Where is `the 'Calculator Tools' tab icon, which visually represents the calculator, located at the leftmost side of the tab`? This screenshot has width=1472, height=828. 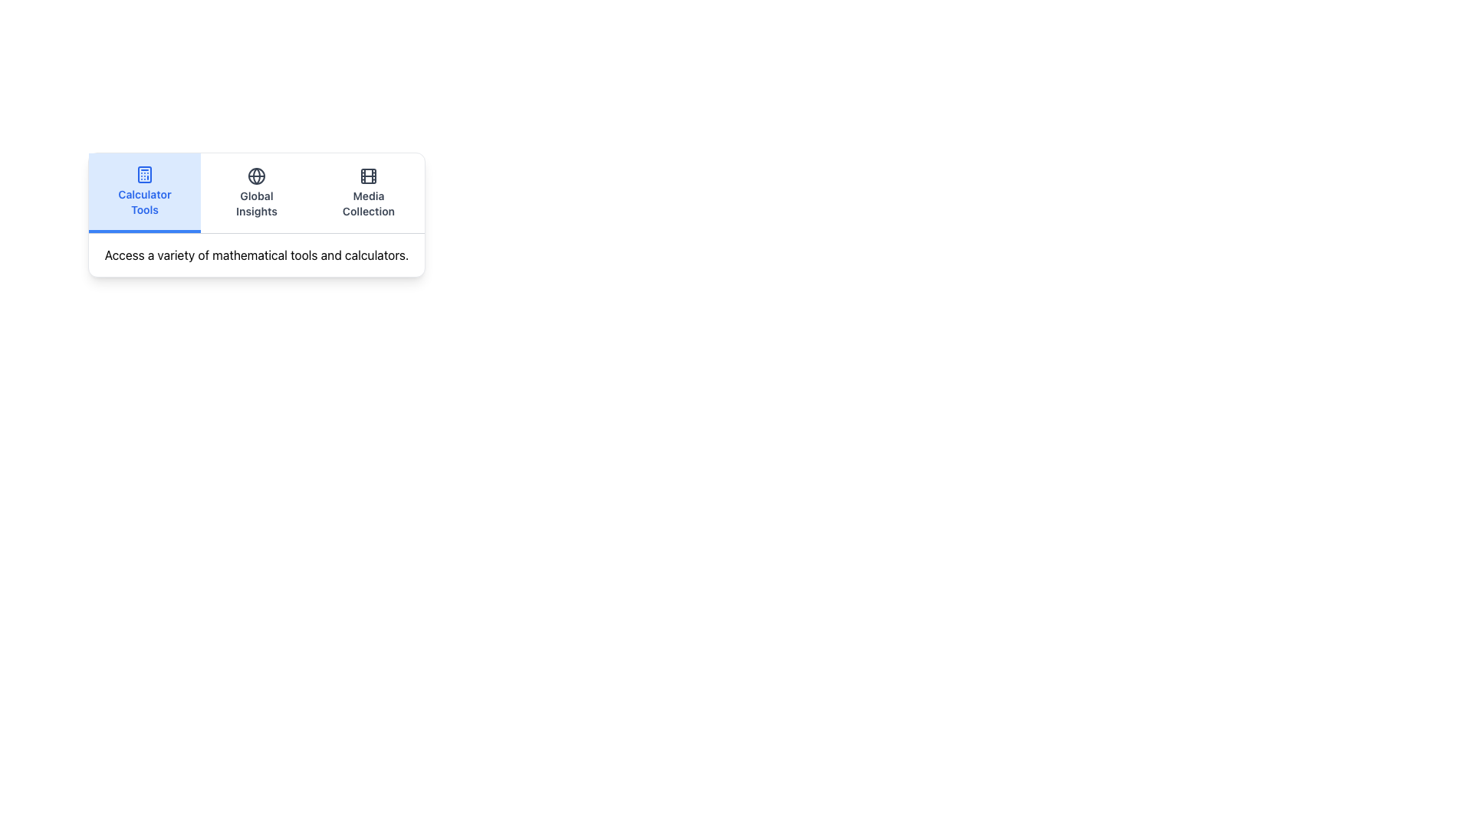
the 'Calculator Tools' tab icon, which visually represents the calculator, located at the leftmost side of the tab is located at coordinates (144, 173).